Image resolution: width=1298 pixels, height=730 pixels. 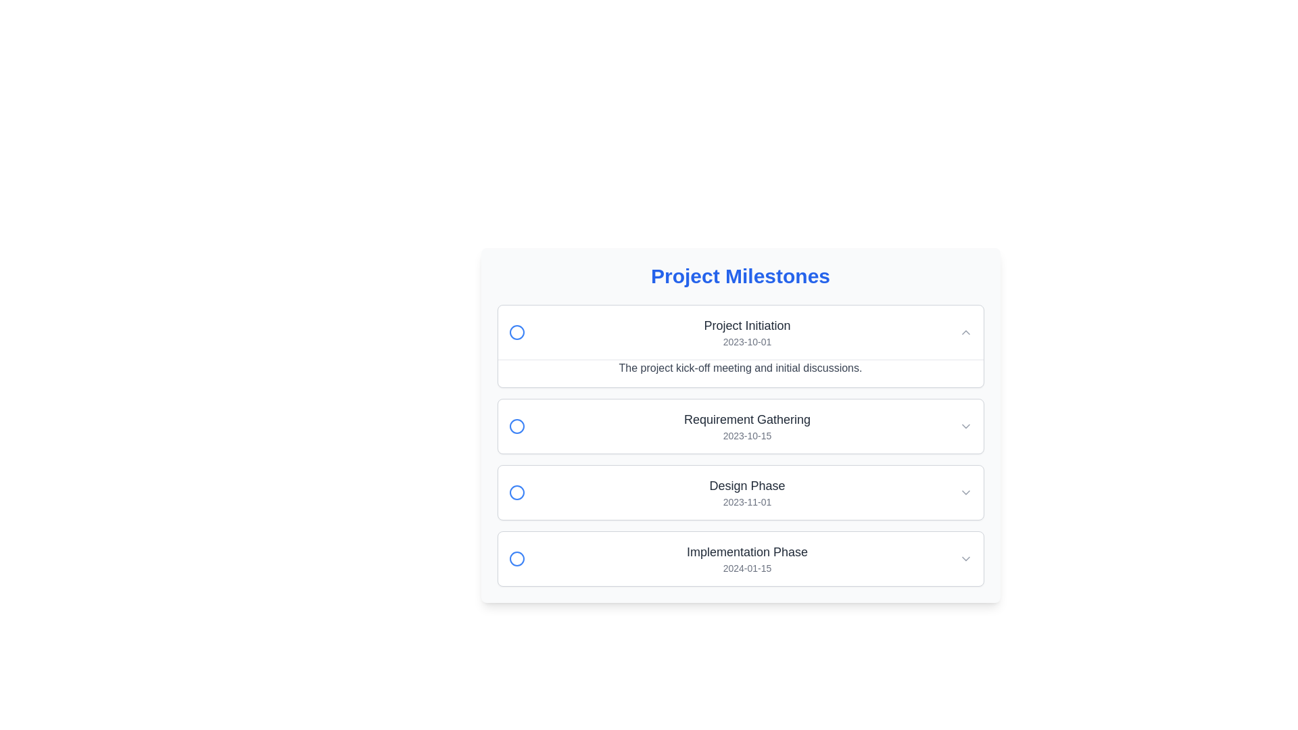 I want to click on the circle shape with no fill and a blue stroke color in the SVG graphic, which is part of the first milestone for 'Project Initiation', so click(x=516, y=333).